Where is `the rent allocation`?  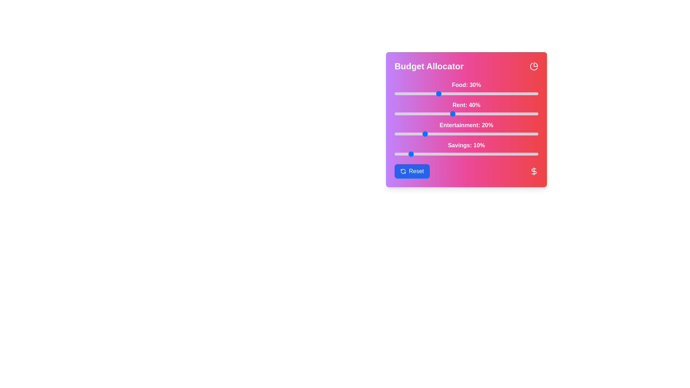
the rent allocation is located at coordinates (464, 113).